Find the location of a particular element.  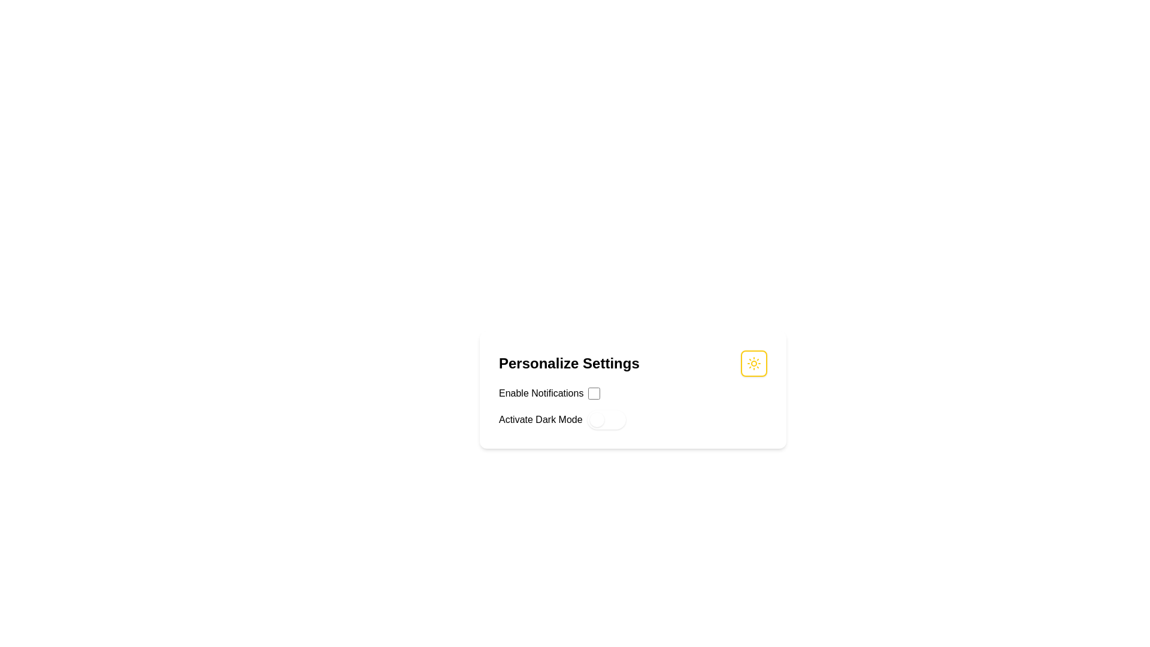

the toggle is located at coordinates (603, 419).